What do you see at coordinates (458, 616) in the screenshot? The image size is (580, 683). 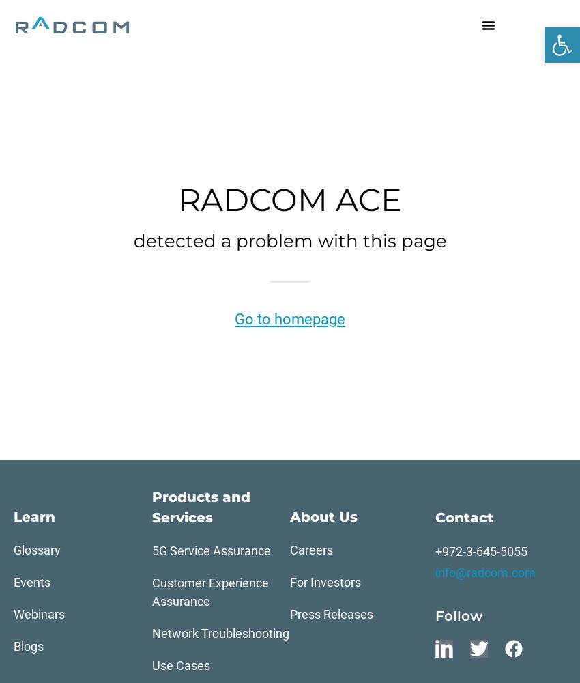 I see `'Follow'` at bounding box center [458, 616].